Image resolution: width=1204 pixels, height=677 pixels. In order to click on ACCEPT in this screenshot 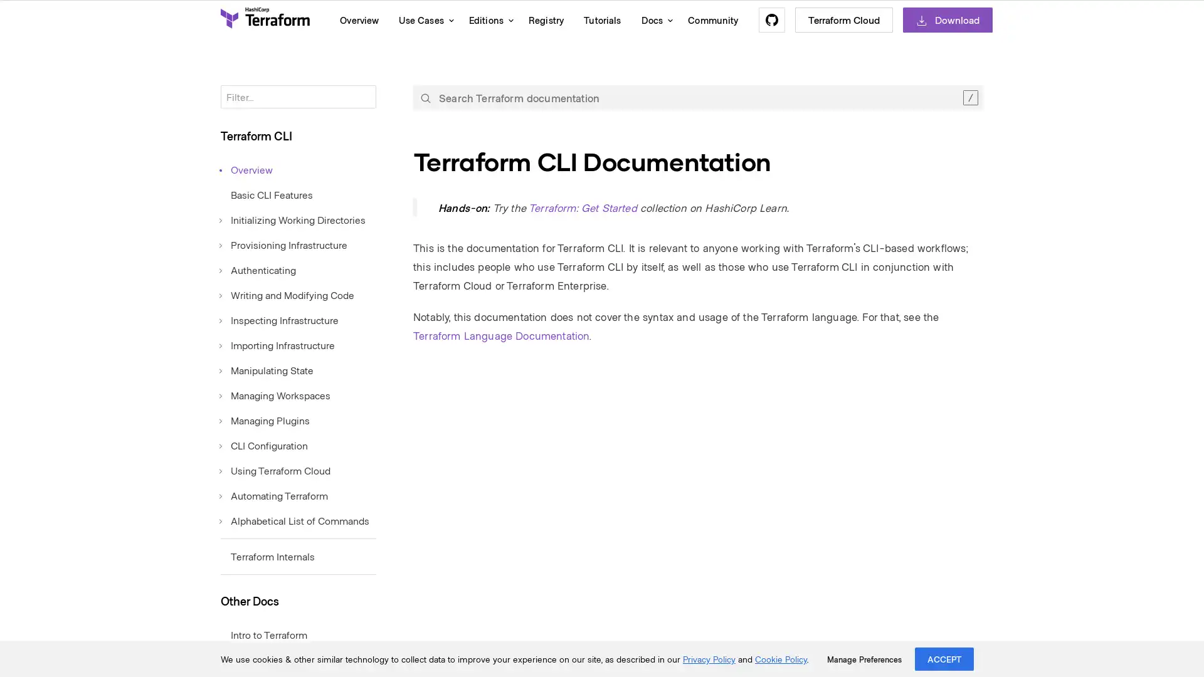, I will do `click(944, 658)`.